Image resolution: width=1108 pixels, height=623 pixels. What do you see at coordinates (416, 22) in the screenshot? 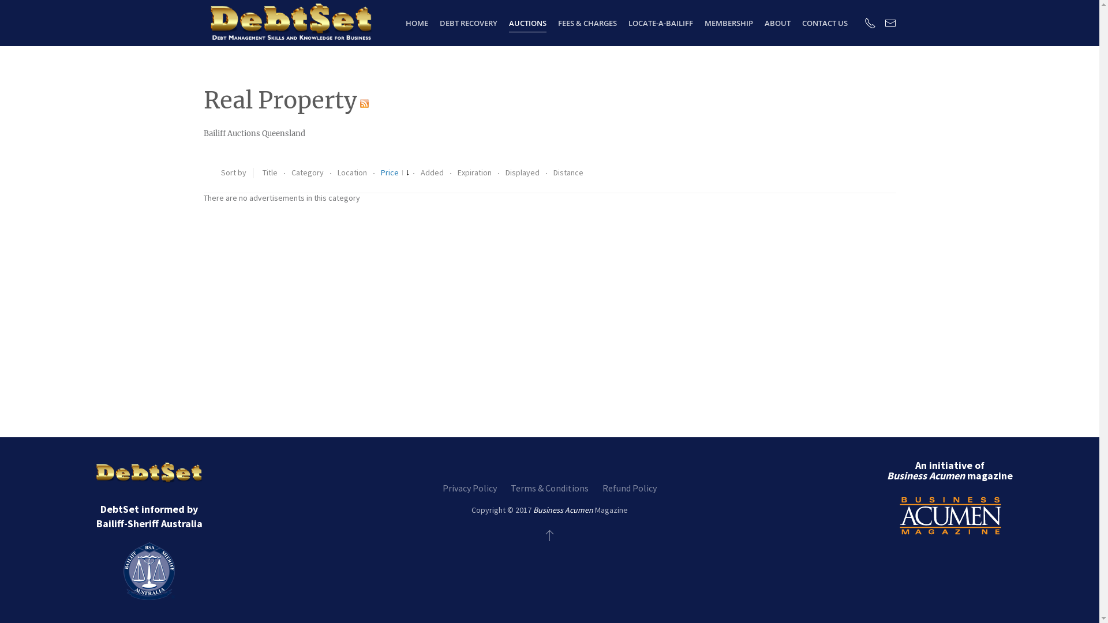
I see `'HOME'` at bounding box center [416, 22].